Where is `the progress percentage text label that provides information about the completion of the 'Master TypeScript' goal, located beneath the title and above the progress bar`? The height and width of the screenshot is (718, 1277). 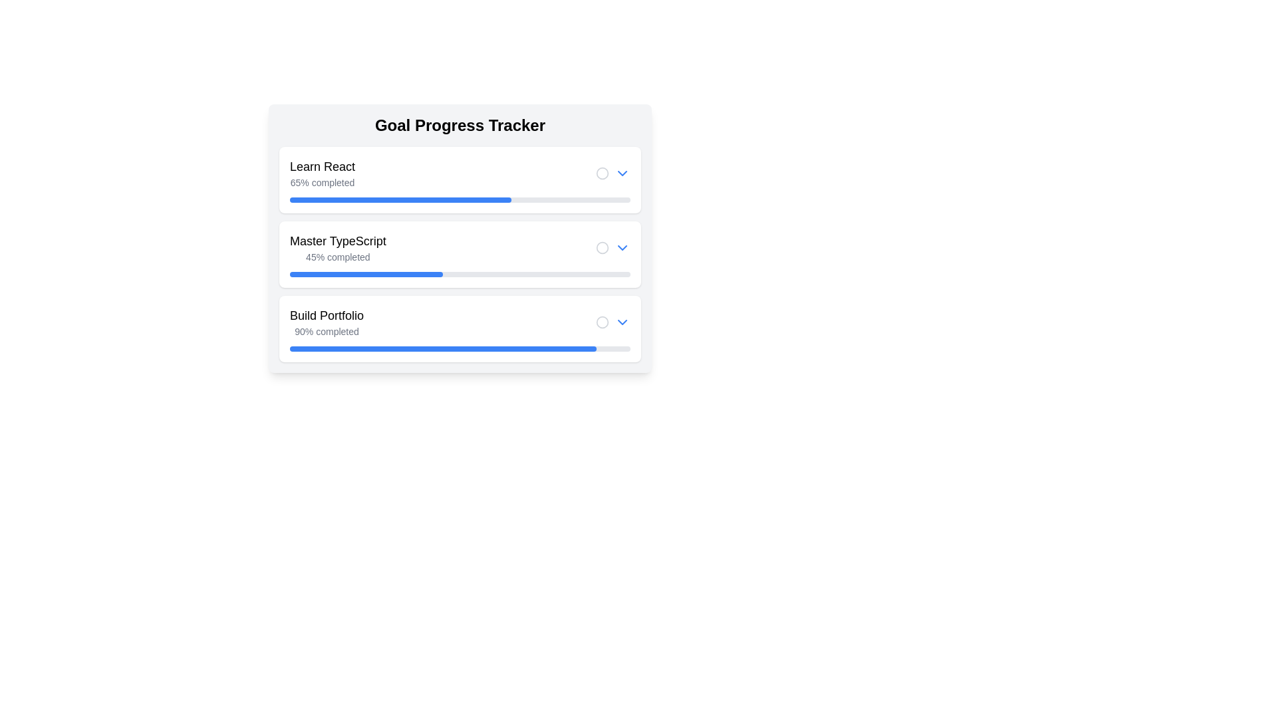
the progress percentage text label that provides information about the completion of the 'Master TypeScript' goal, located beneath the title and above the progress bar is located at coordinates (338, 257).